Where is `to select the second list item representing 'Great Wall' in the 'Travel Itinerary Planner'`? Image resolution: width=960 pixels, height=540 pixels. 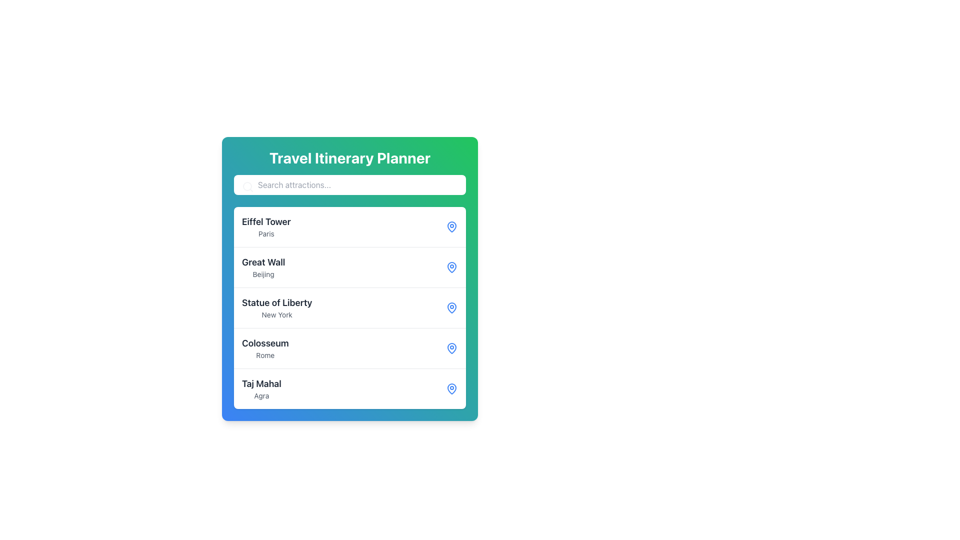
to select the second list item representing 'Great Wall' in the 'Travel Itinerary Planner' is located at coordinates (350, 266).